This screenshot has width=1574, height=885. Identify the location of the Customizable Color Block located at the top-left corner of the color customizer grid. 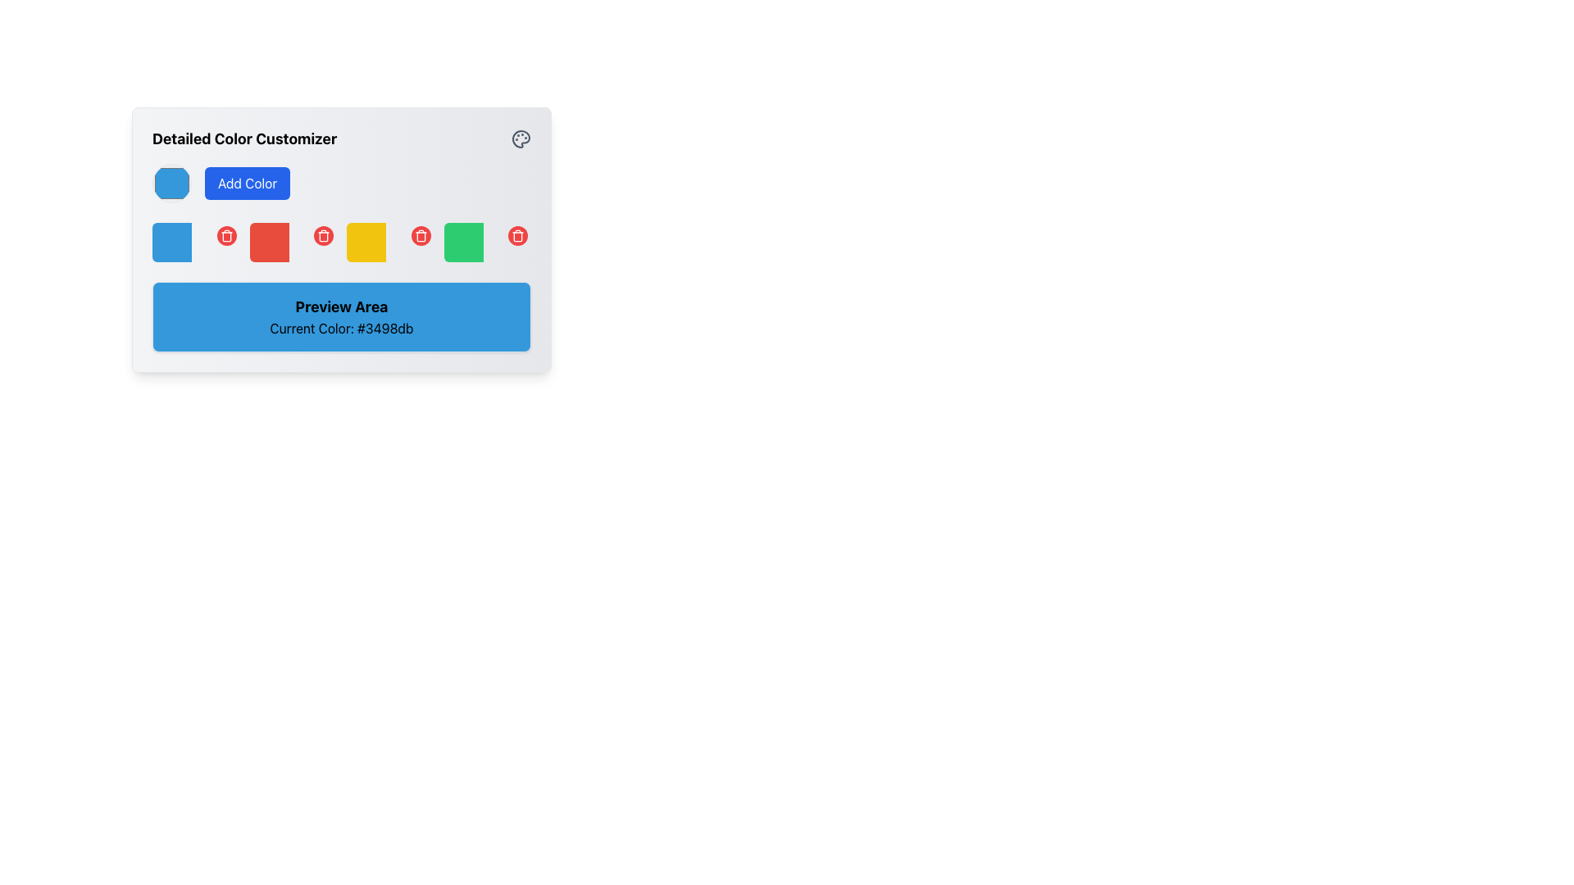
(196, 243).